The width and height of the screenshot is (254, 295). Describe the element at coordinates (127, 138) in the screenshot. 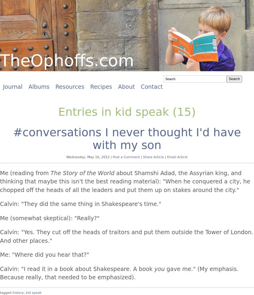

I see `'#conversations I never thought I'd have with my son'` at that location.